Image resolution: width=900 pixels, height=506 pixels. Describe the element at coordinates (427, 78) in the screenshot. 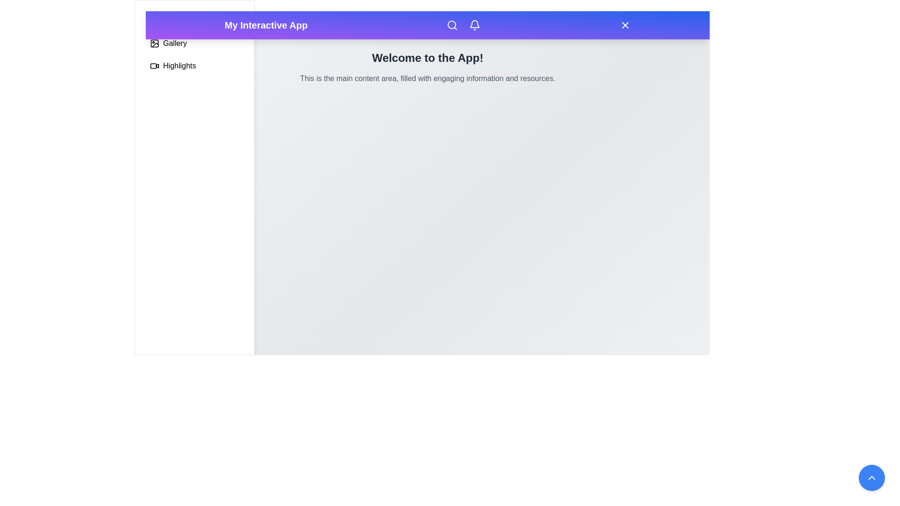

I see `the text paragraph styled in gray color, located below the title 'Welcome to the App!', to engage with surrounding elements` at that location.